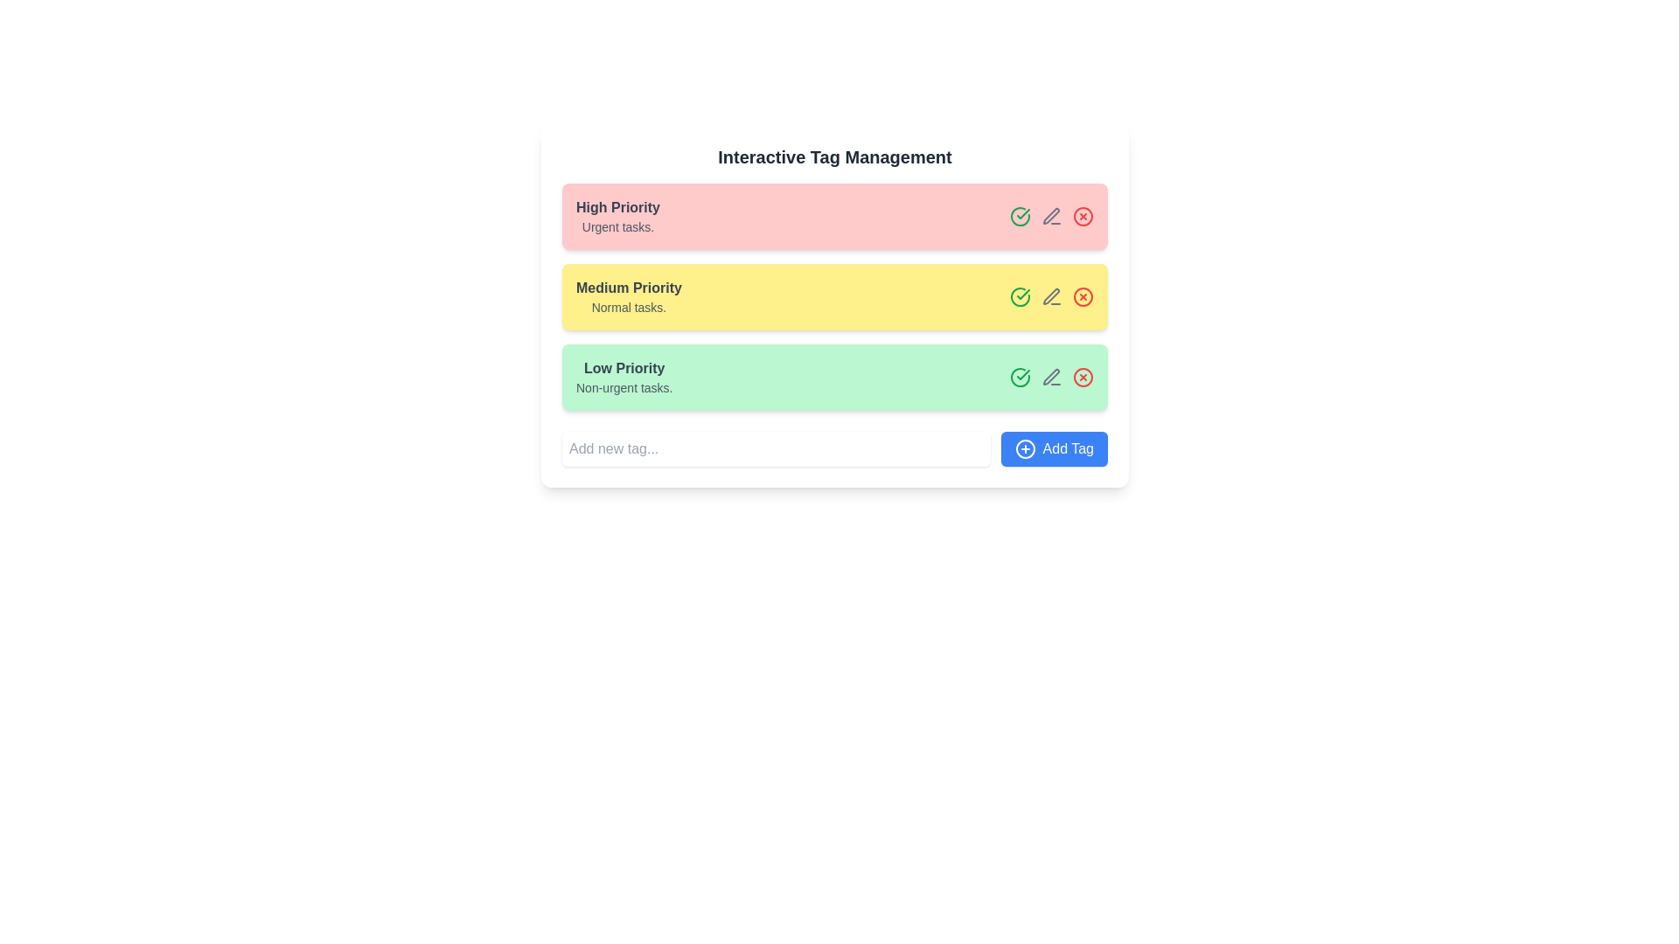 This screenshot has width=1679, height=944. Describe the element at coordinates (834, 215) in the screenshot. I see `the first card in the list that represents a high-priority task category, which is located above the yellow card titled 'Medium Priority'` at that location.